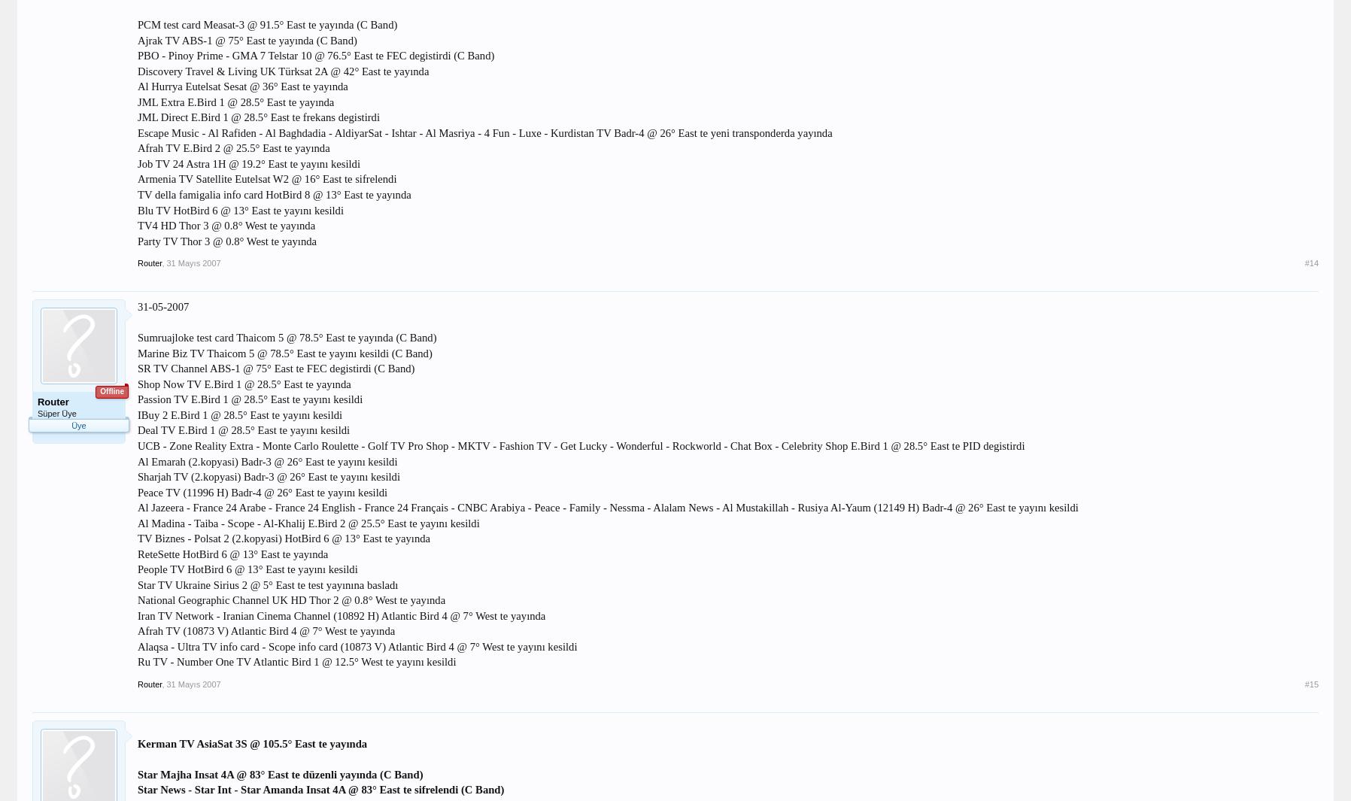 The height and width of the screenshot is (801, 1351). What do you see at coordinates (45, 447) in the screenshot?
I see `'Kayıt:'` at bounding box center [45, 447].